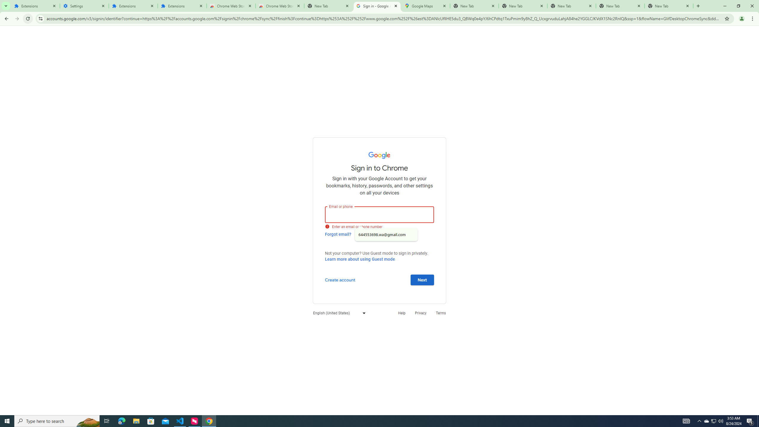 The width and height of the screenshot is (759, 427). I want to click on 'You', so click(742, 18).